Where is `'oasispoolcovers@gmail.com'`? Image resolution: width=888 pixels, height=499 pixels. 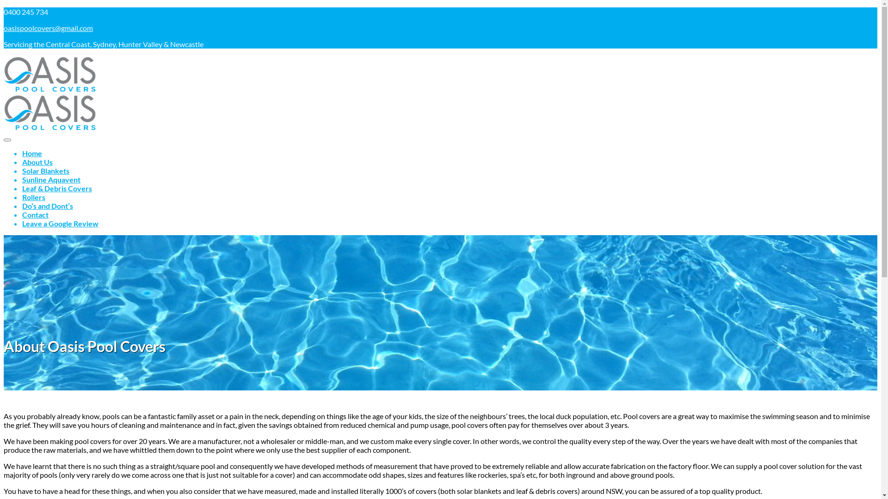 'oasispoolcovers@gmail.com' is located at coordinates (4, 27).